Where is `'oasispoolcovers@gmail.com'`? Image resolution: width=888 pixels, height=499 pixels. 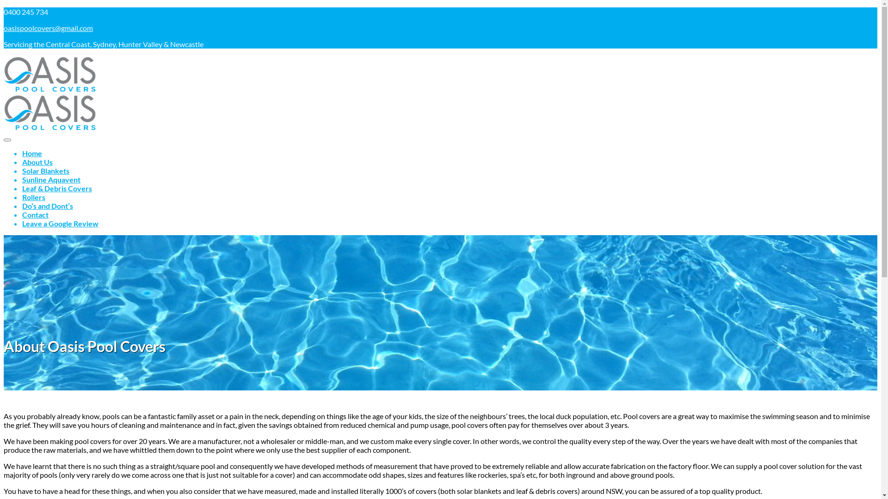 'oasispoolcovers@gmail.com' is located at coordinates (4, 27).